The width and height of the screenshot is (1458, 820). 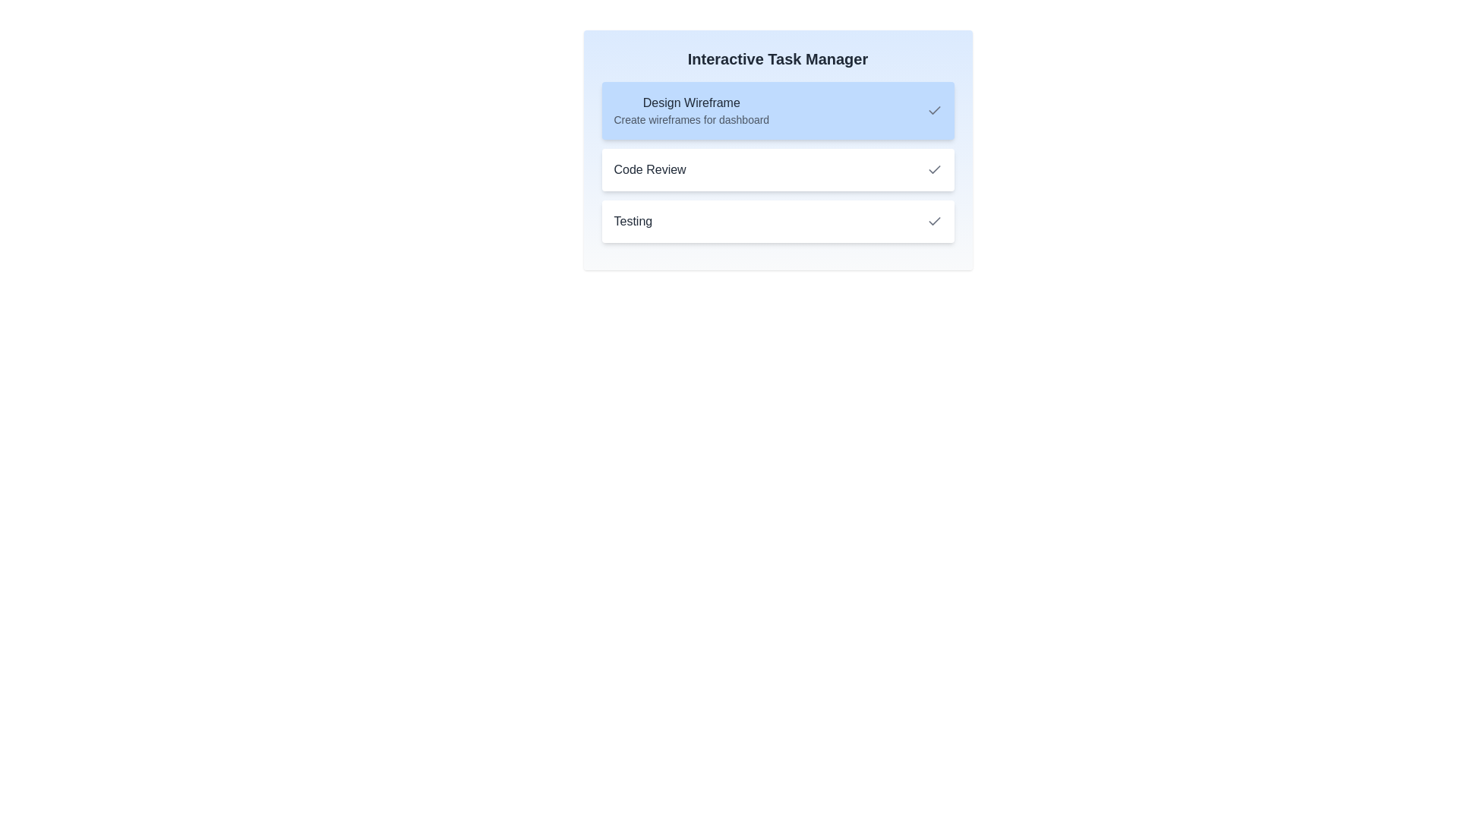 I want to click on the task Testing to see its details, so click(x=778, y=222).